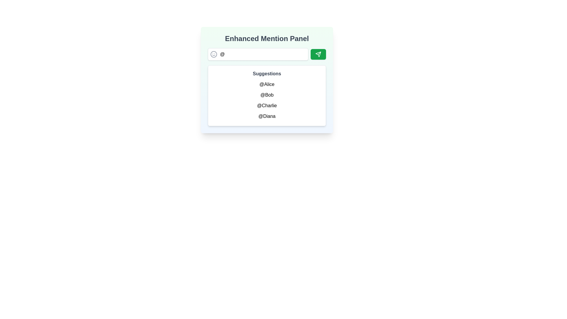 The height and width of the screenshot is (319, 567). Describe the element at coordinates (266, 95) in the screenshot. I see `the second mention suggestion entry within the 'Enhanced Mention Panel' located beneath the 'Suggestions' heading` at that location.